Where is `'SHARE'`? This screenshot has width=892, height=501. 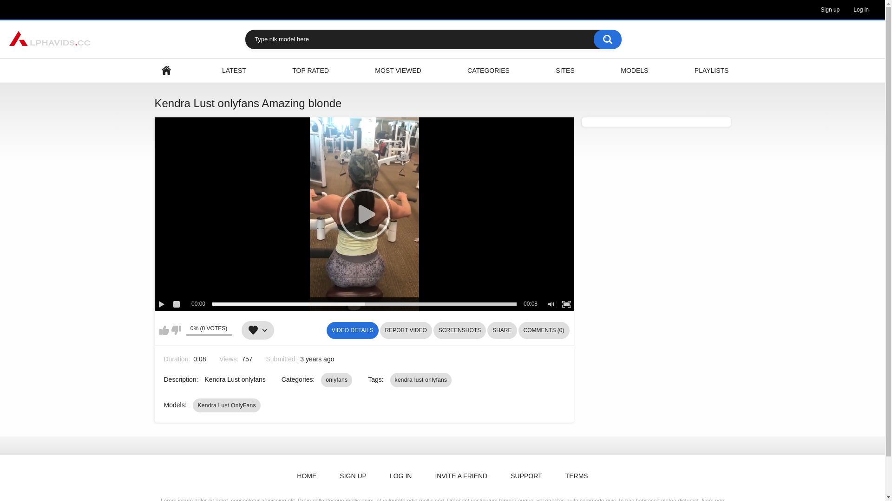
'SHARE' is located at coordinates (501, 330).